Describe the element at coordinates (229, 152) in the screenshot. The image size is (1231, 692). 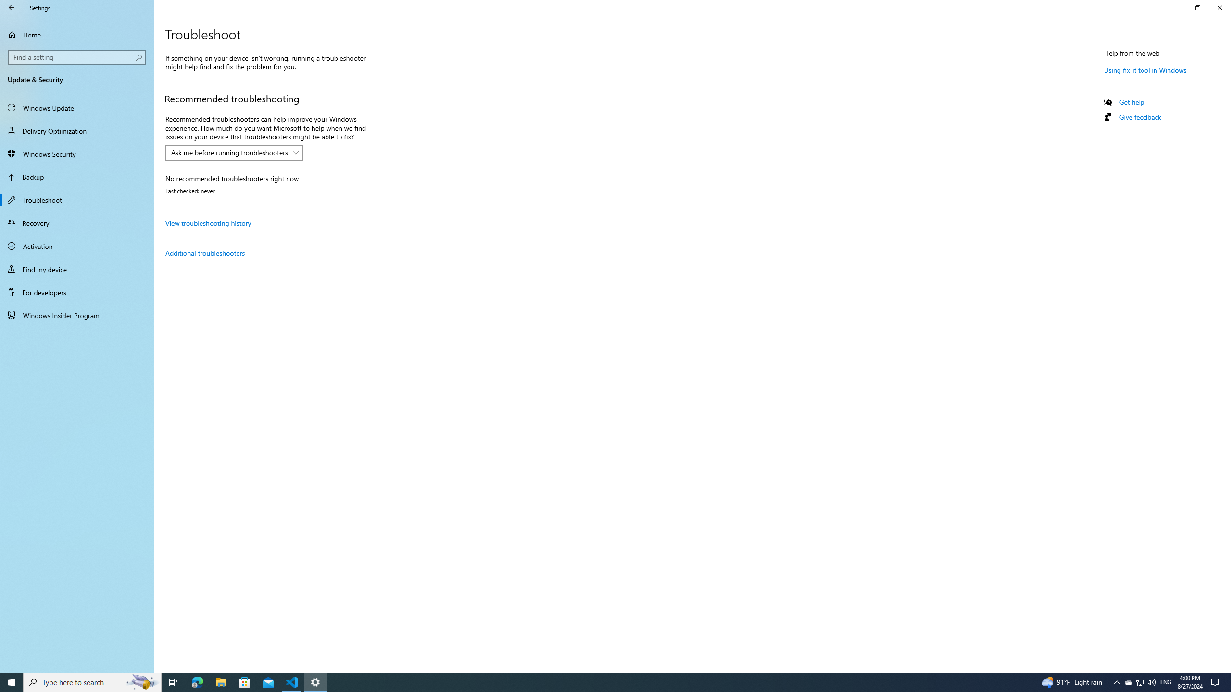
I see `'Ask me before running troubleshooters'` at that location.